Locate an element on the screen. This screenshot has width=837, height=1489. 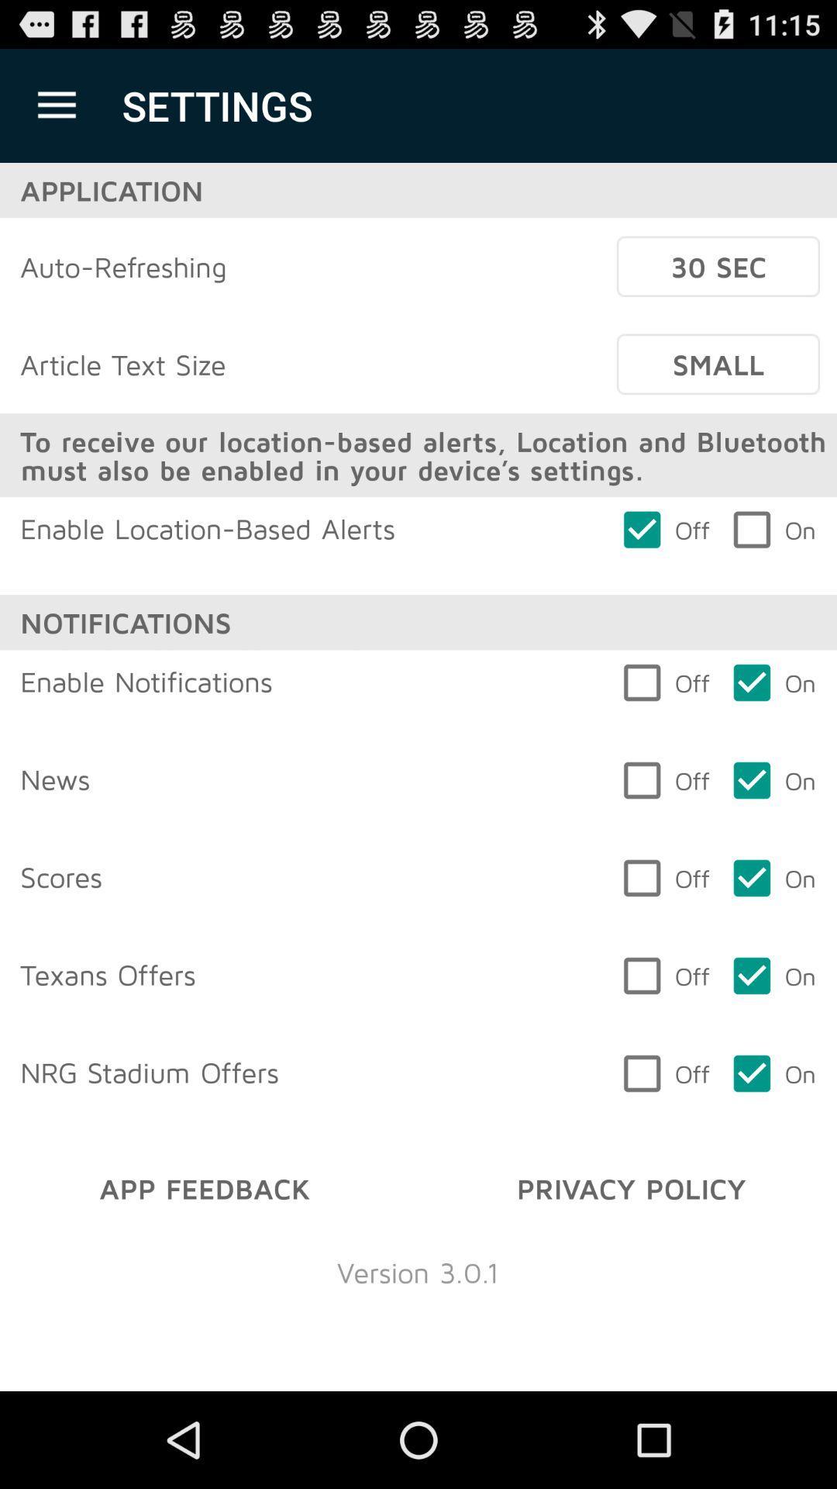
app to the left of the settings item is located at coordinates (56, 105).